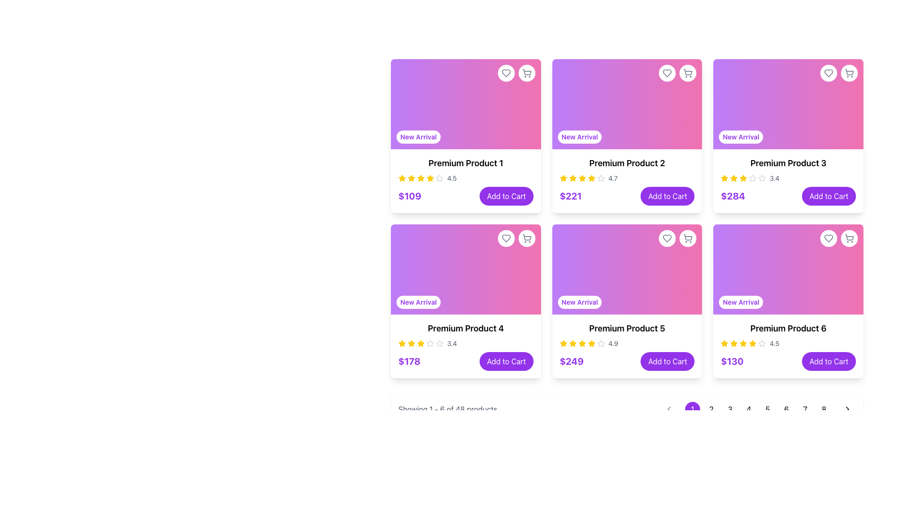 The width and height of the screenshot is (901, 507). I want to click on the Rating Display element located beneath the product name 'Premium Product 1' and above the price and 'Add to Cart' button, so click(466, 178).